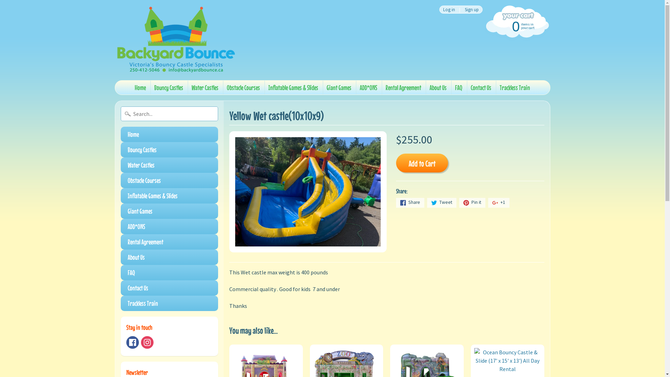 This screenshot has width=670, height=377. I want to click on 'Pin it', so click(472, 203).